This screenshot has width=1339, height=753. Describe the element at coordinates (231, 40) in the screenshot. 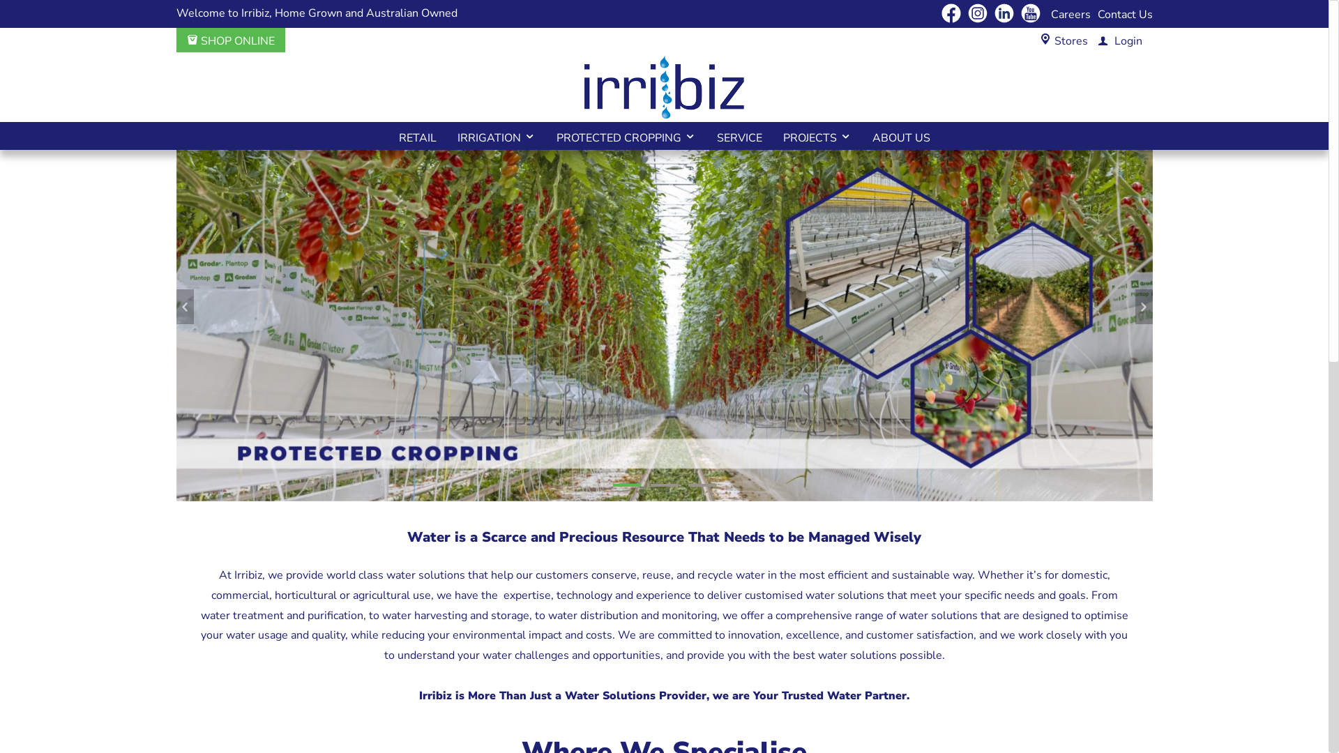

I see `'SHOP ONLINE'` at that location.